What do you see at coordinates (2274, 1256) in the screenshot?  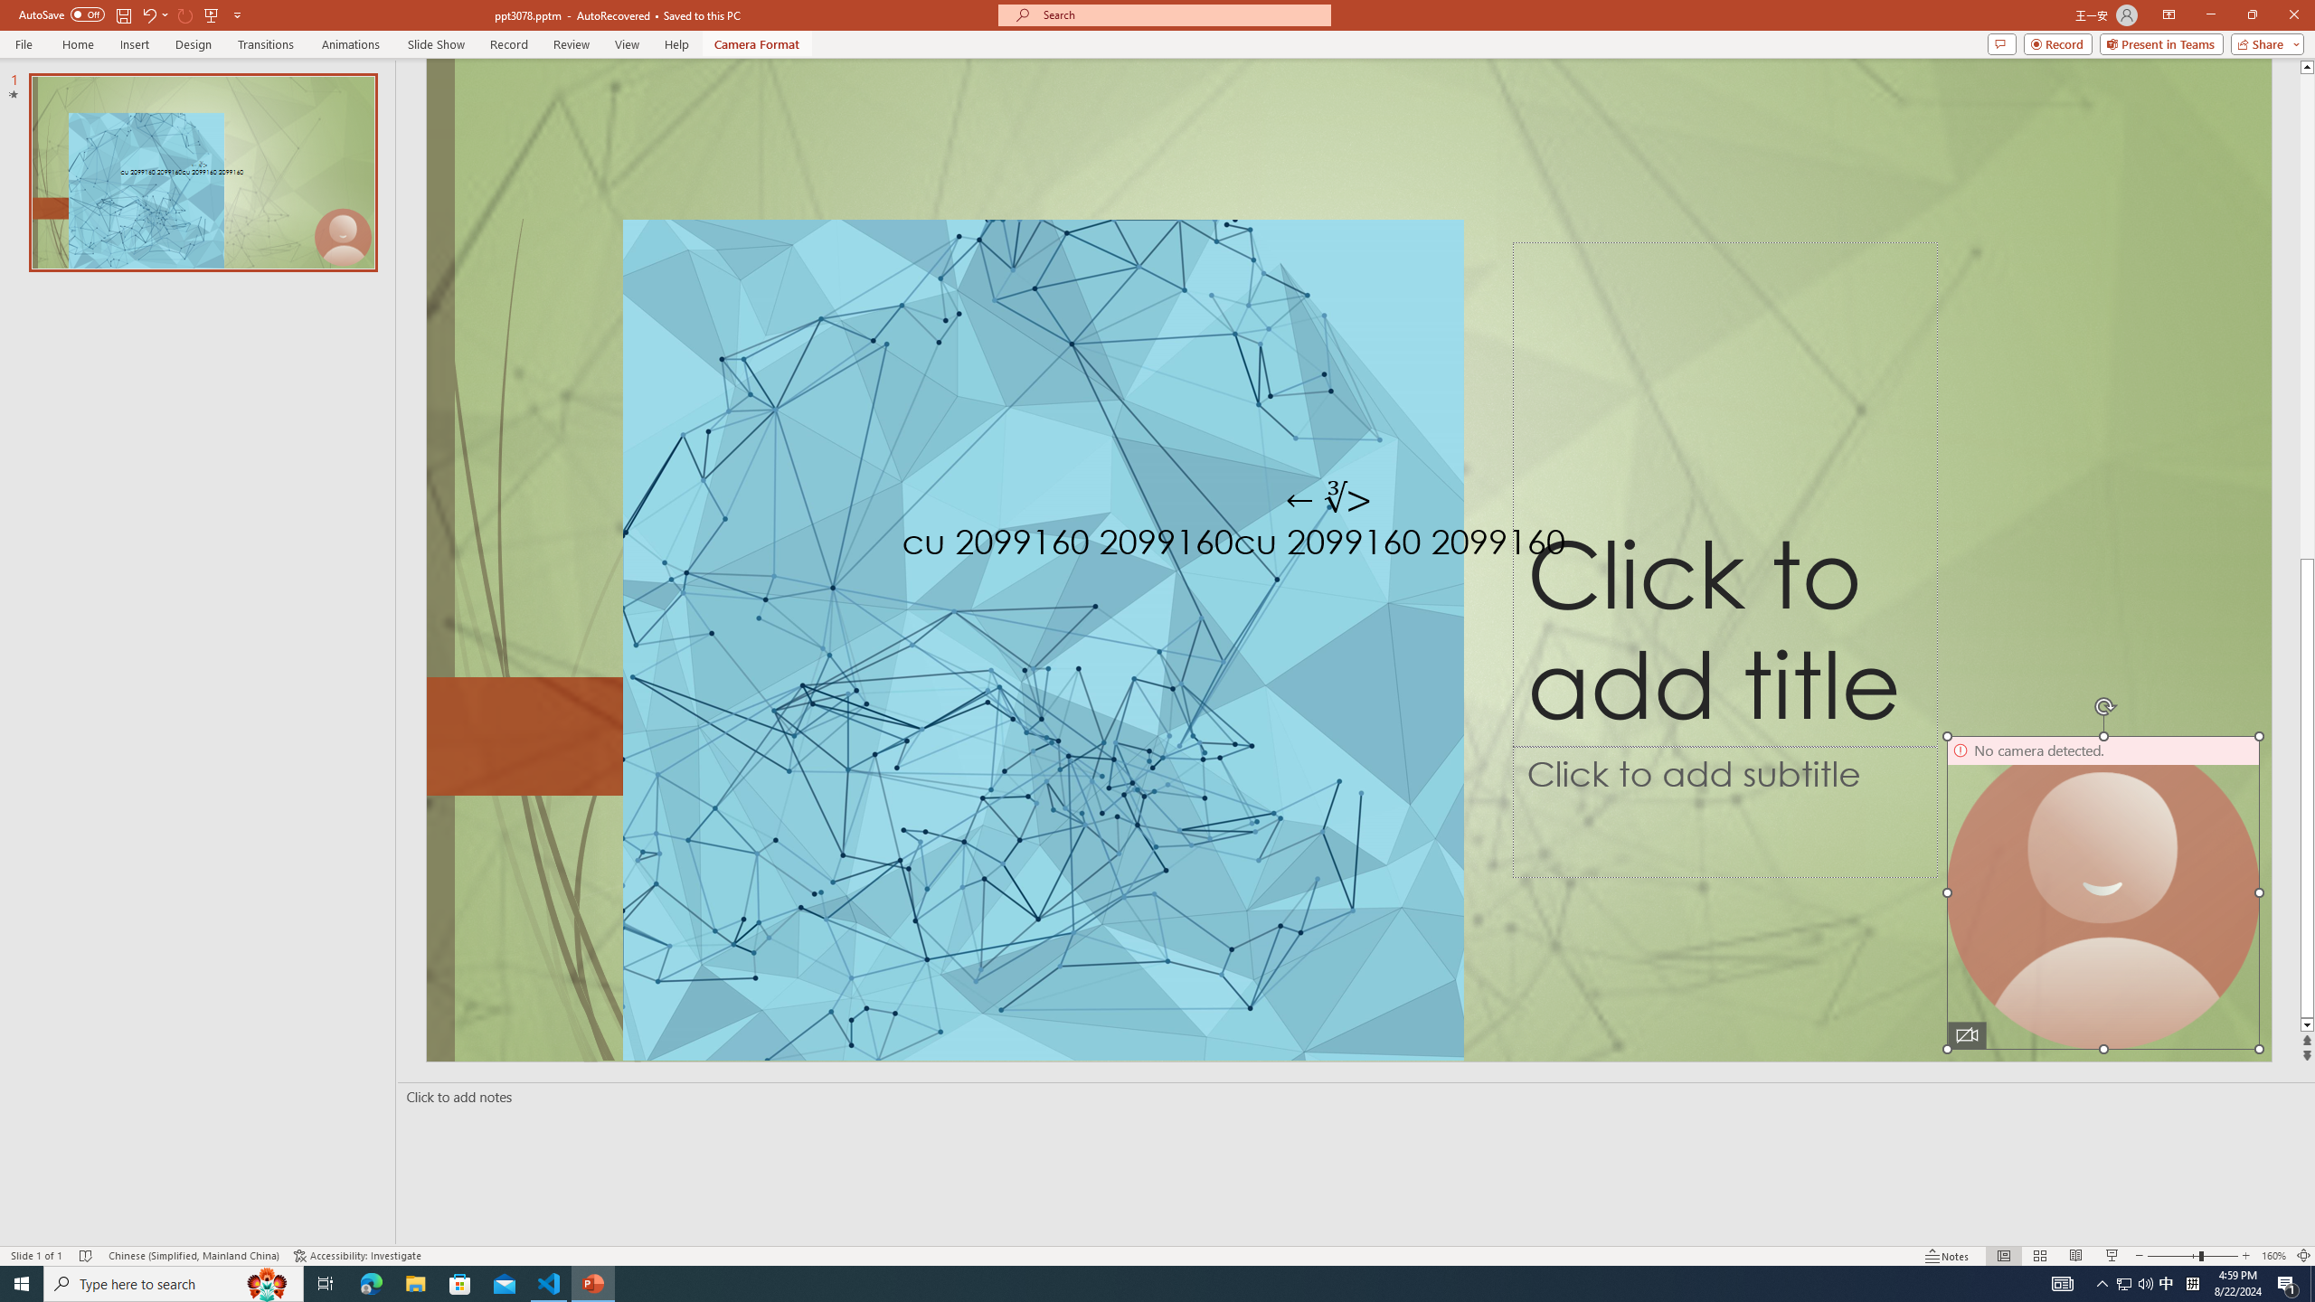 I see `'Zoom 160%'` at bounding box center [2274, 1256].